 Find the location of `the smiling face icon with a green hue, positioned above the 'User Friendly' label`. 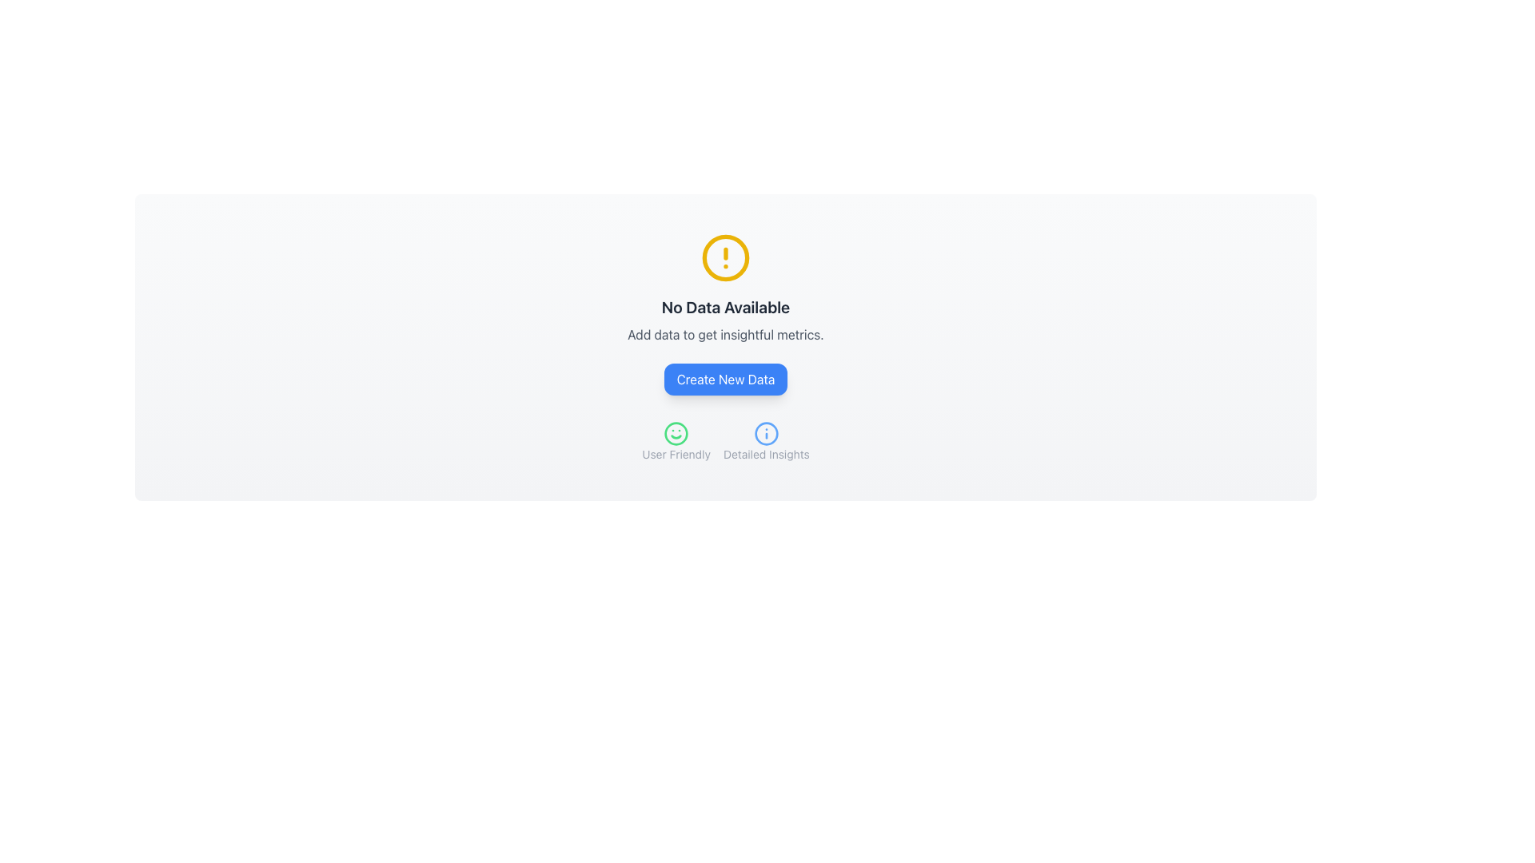

the smiling face icon with a green hue, positioned above the 'User Friendly' label is located at coordinates (676, 434).